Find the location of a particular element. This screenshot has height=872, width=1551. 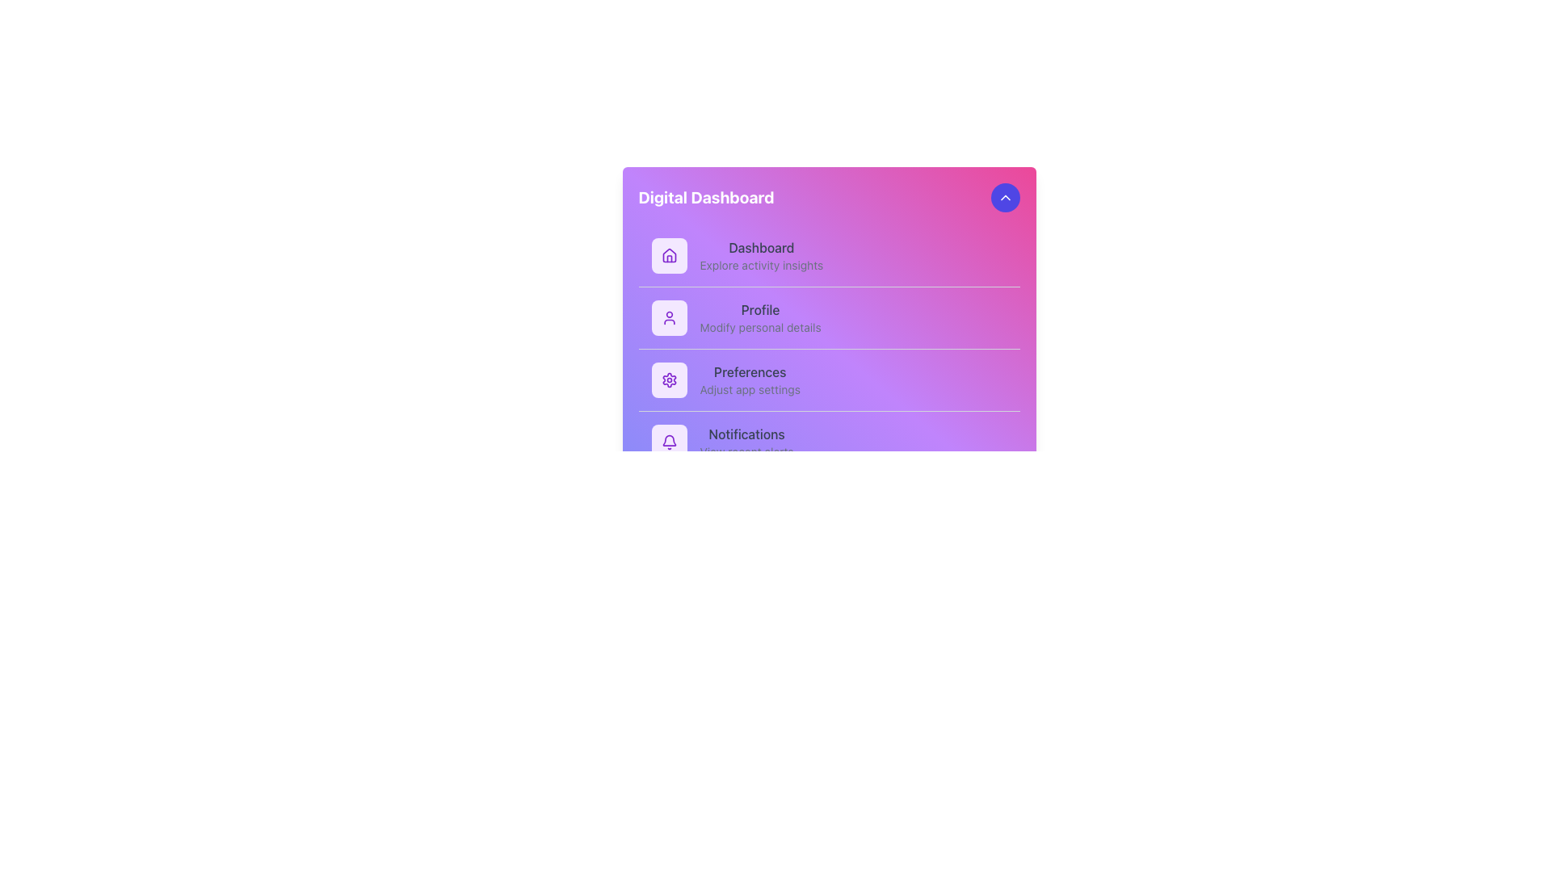

the square-shaped Icon button with a rounded border and a house icon in the center, located within the 'DashboardExplore activity insights' section is located at coordinates (669, 254).